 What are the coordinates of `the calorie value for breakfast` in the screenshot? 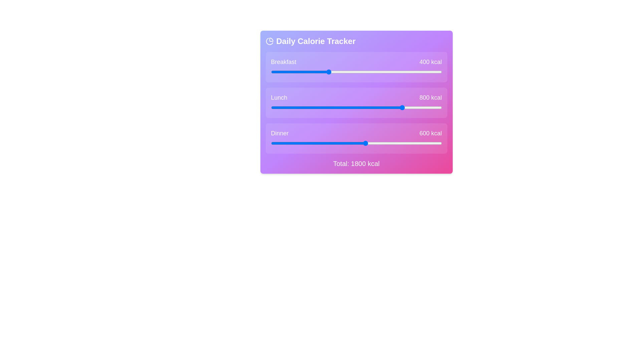 It's located at (319, 72).